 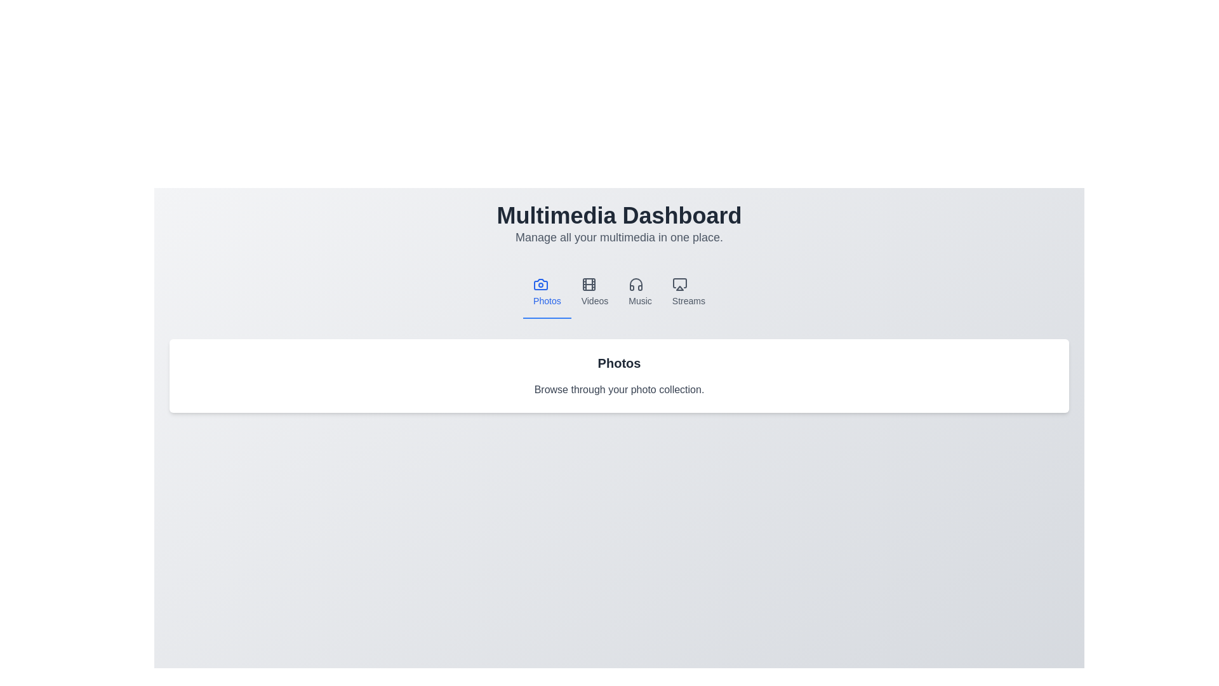 I want to click on the Videos tab to view its content, so click(x=594, y=293).